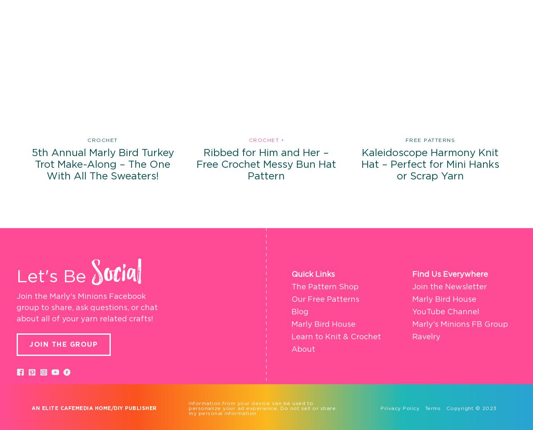 This screenshot has width=533, height=430. What do you see at coordinates (412, 312) in the screenshot?
I see `'YouTube Channel'` at bounding box center [412, 312].